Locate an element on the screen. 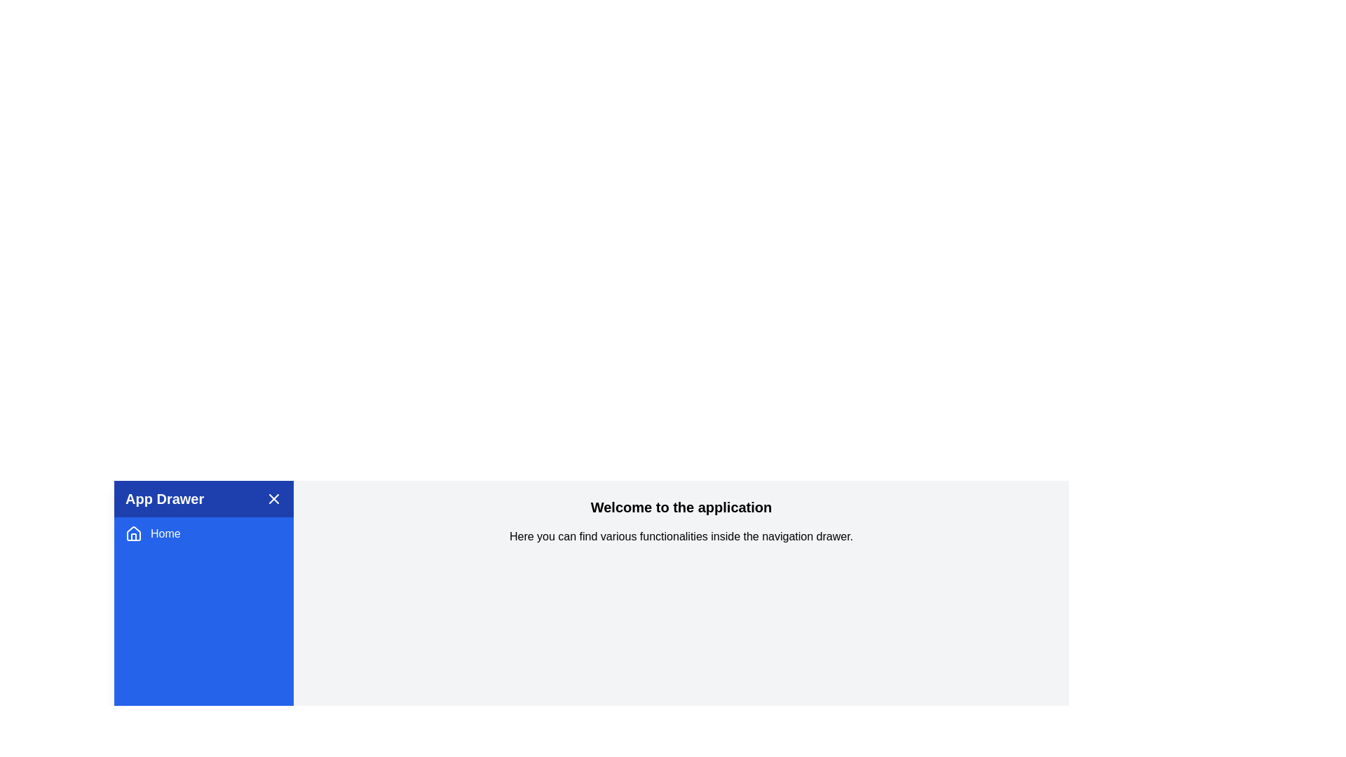  the lower rectangular portion of the house icon in the App Drawer sidebar located at the top-left corner of the interface is located at coordinates (134, 536).